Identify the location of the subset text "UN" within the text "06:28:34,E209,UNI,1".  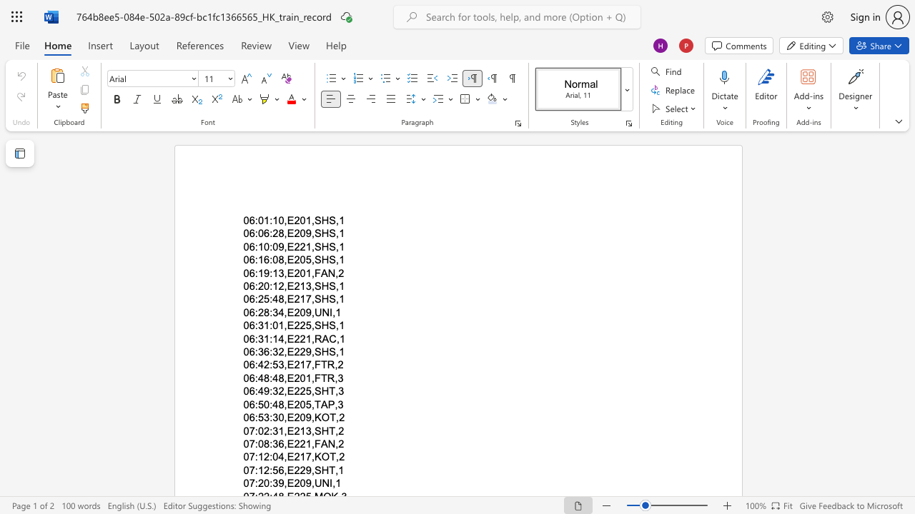
(313, 311).